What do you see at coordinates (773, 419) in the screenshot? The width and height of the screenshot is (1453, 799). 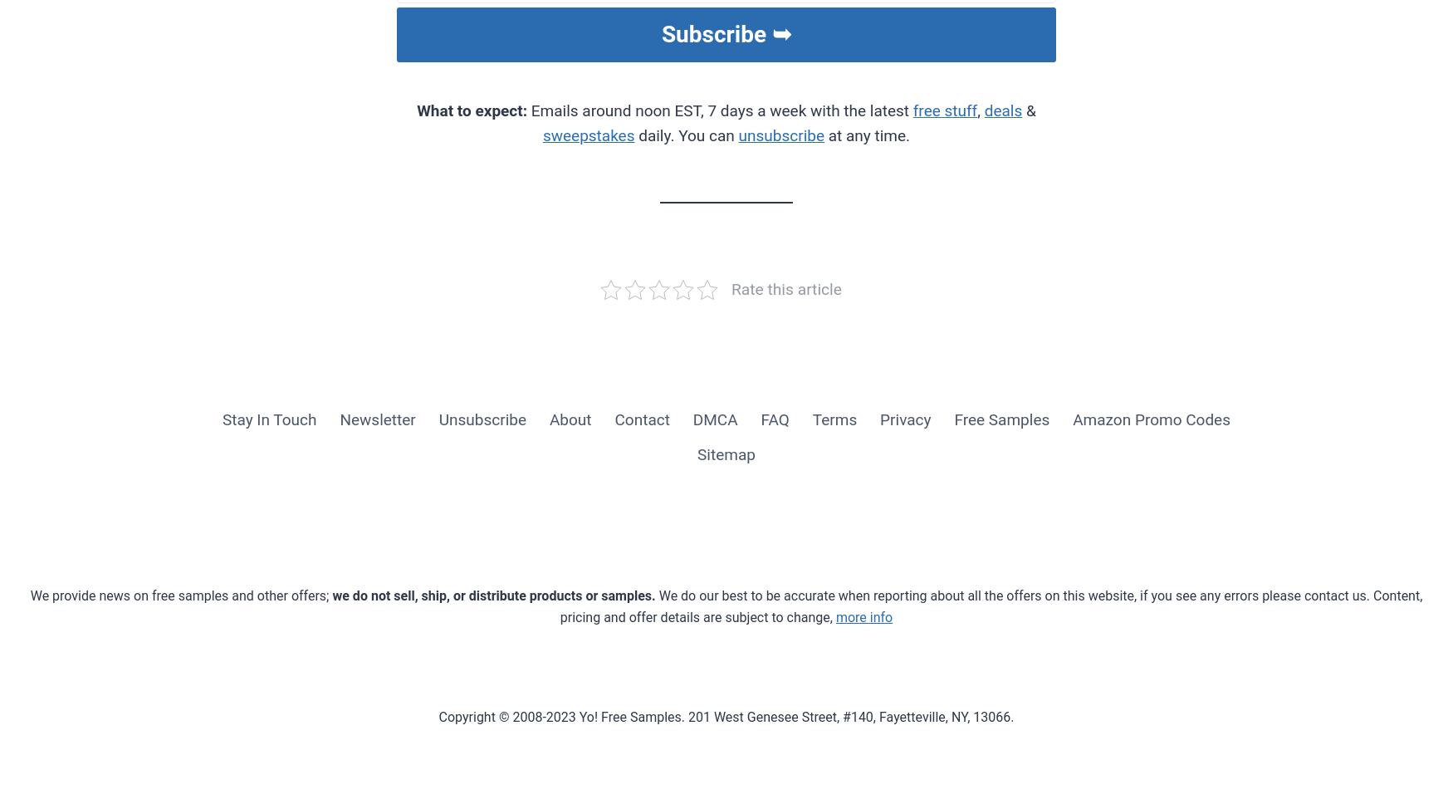 I see `'FAQ'` at bounding box center [773, 419].